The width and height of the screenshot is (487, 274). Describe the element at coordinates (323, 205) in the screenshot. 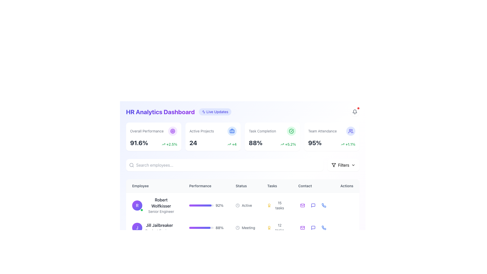

I see `the blue phone icon associated with 'Jill Jailbreaker' in the 'Actions' group` at that location.